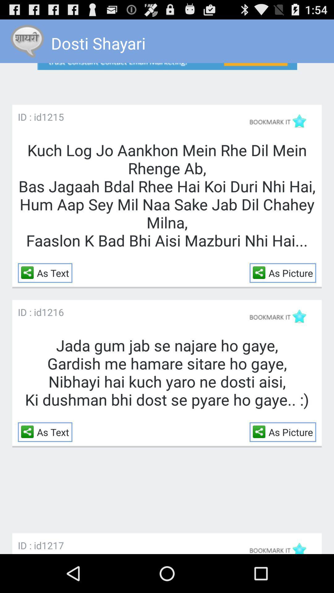 This screenshot has width=334, height=593. What do you see at coordinates (52, 312) in the screenshot?
I see `the 1216 item` at bounding box center [52, 312].